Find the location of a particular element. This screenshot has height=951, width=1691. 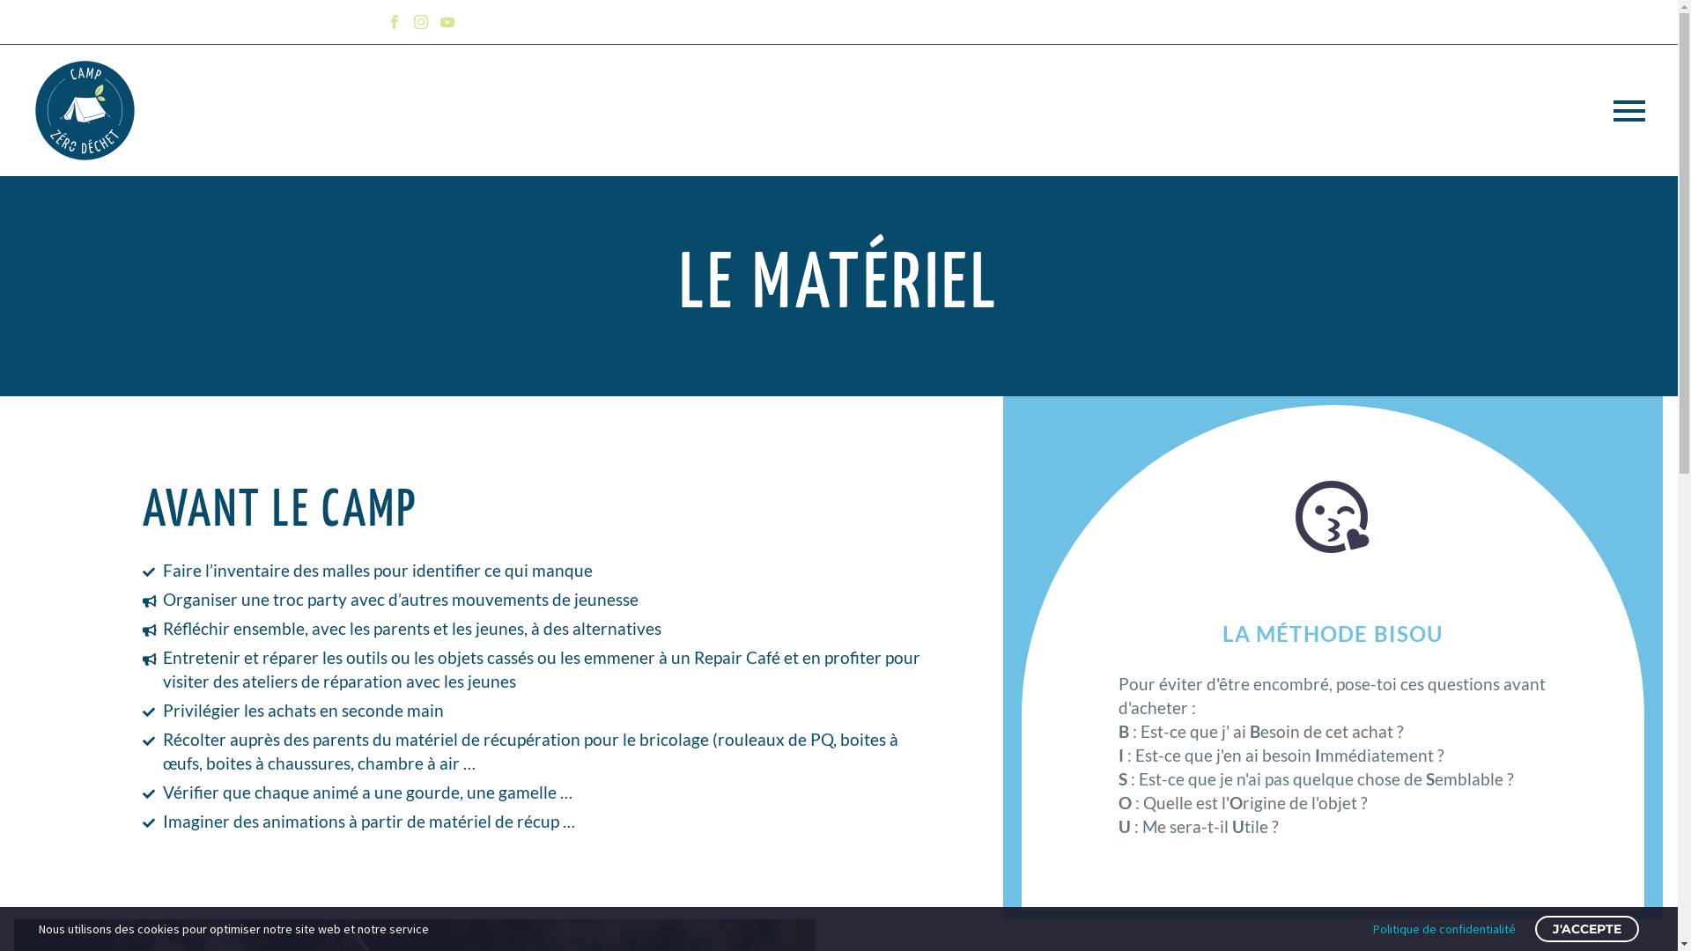

'YouTube' is located at coordinates (447, 21).